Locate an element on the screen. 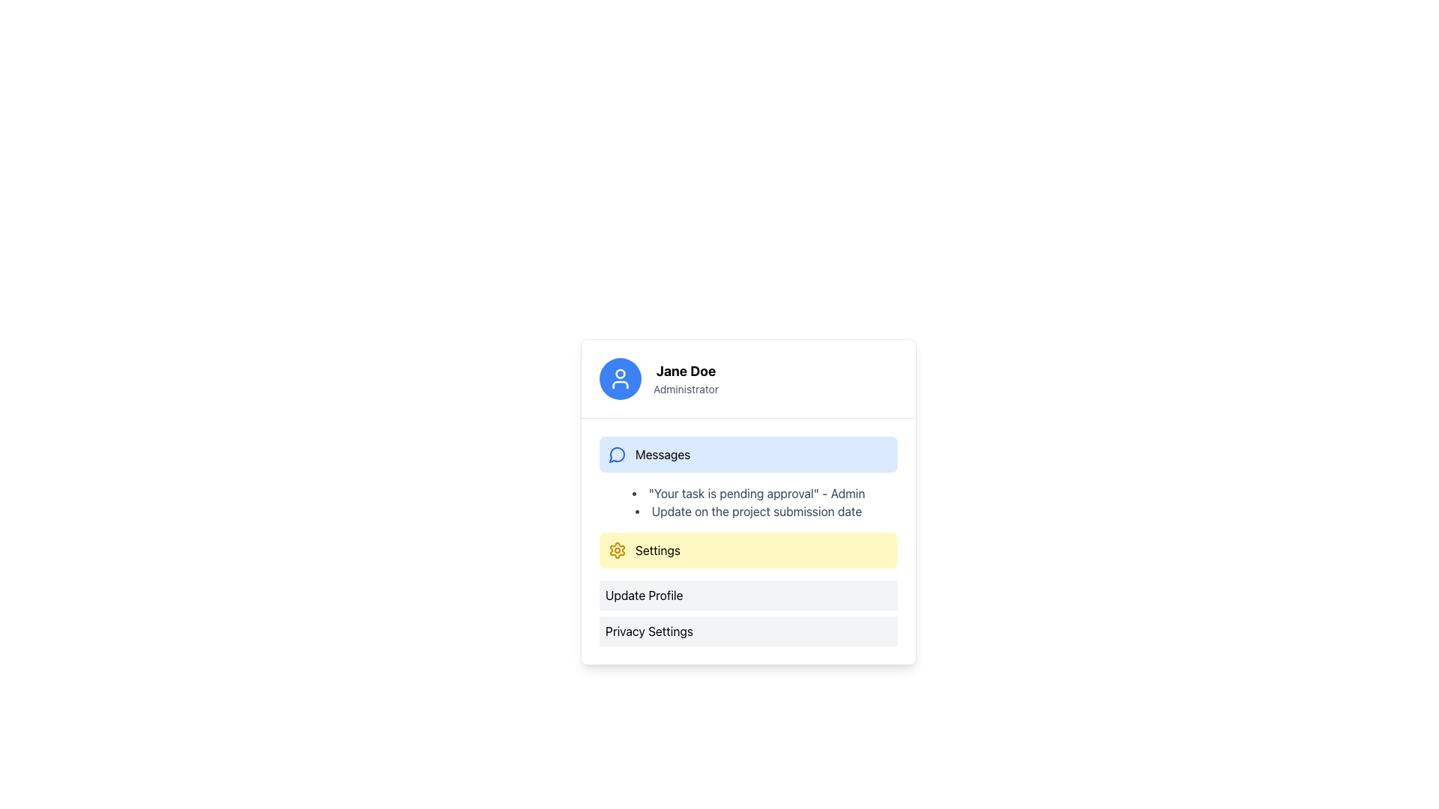 This screenshot has height=809, width=1439. the cogwheel icon representing adjustable settings located to the left of the 'Settings' label in the vertical menu is located at coordinates (618, 551).